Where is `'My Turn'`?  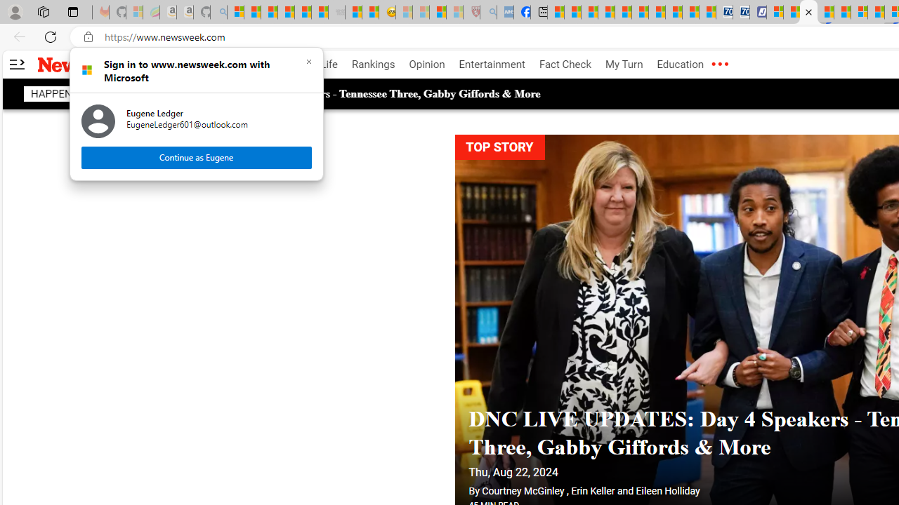
'My Turn' is located at coordinates (623, 65).